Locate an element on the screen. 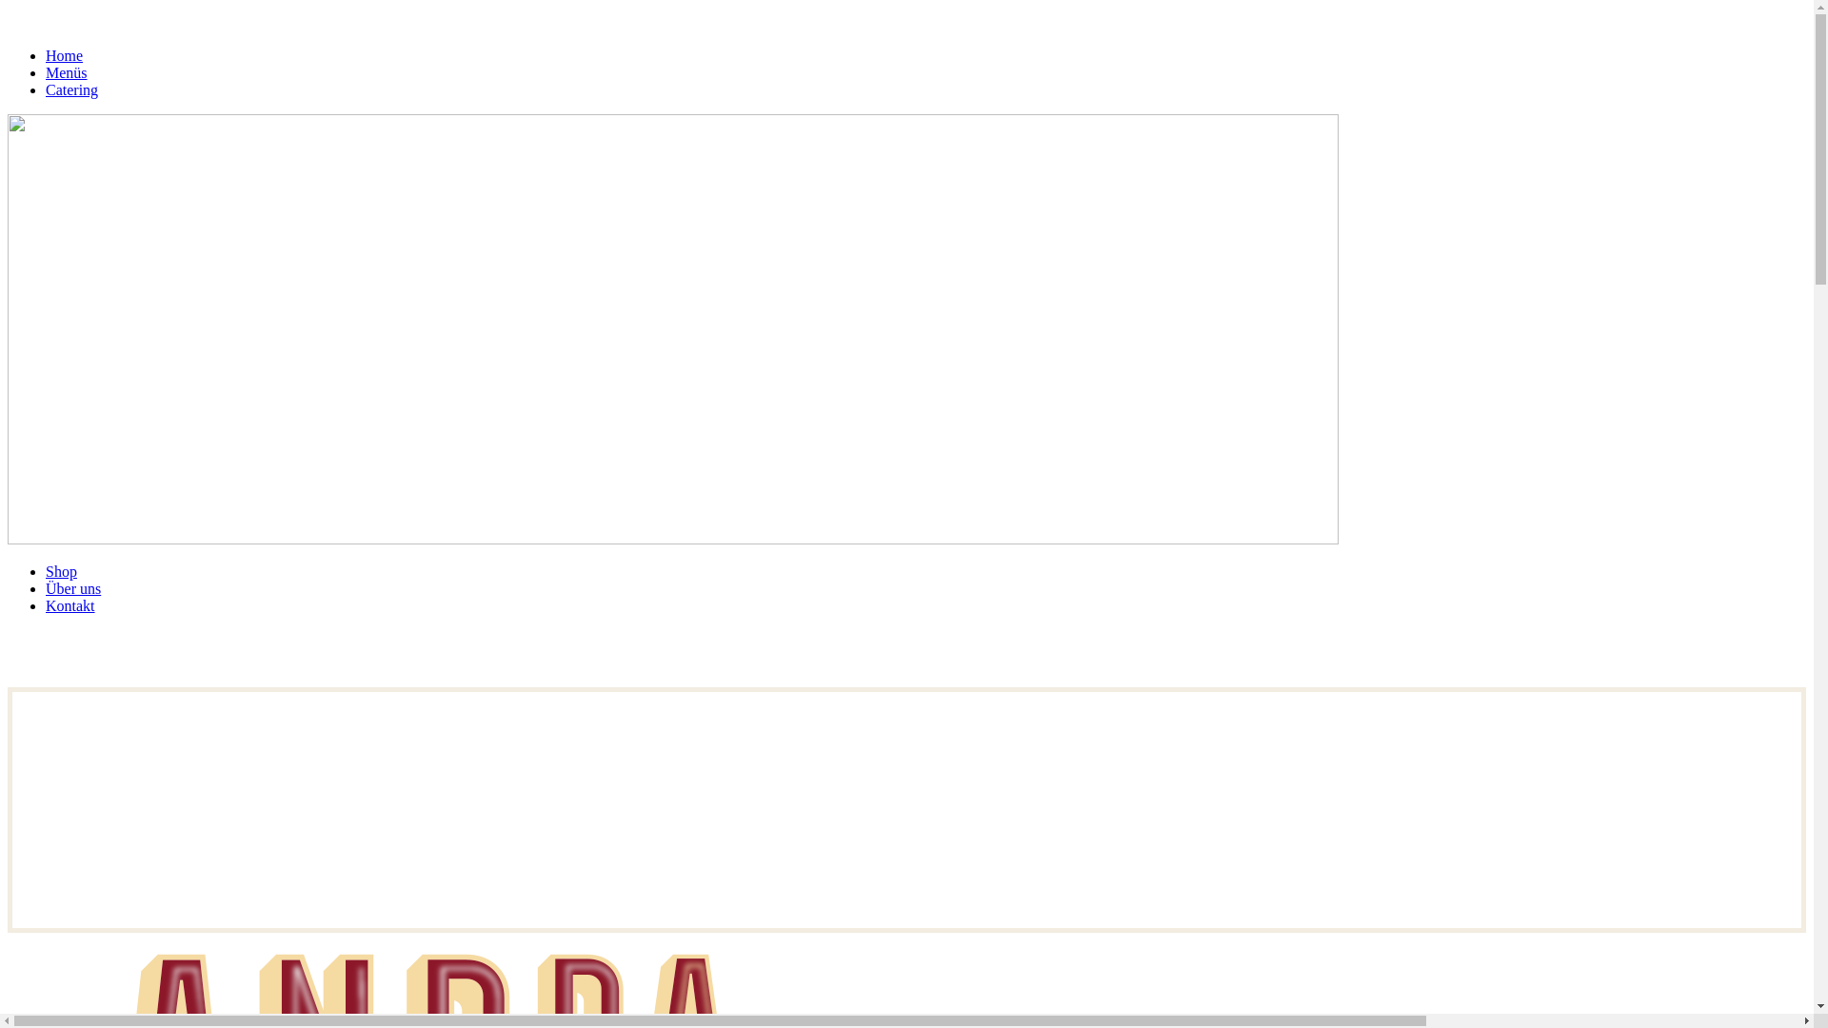  'Catering' is located at coordinates (46, 89).